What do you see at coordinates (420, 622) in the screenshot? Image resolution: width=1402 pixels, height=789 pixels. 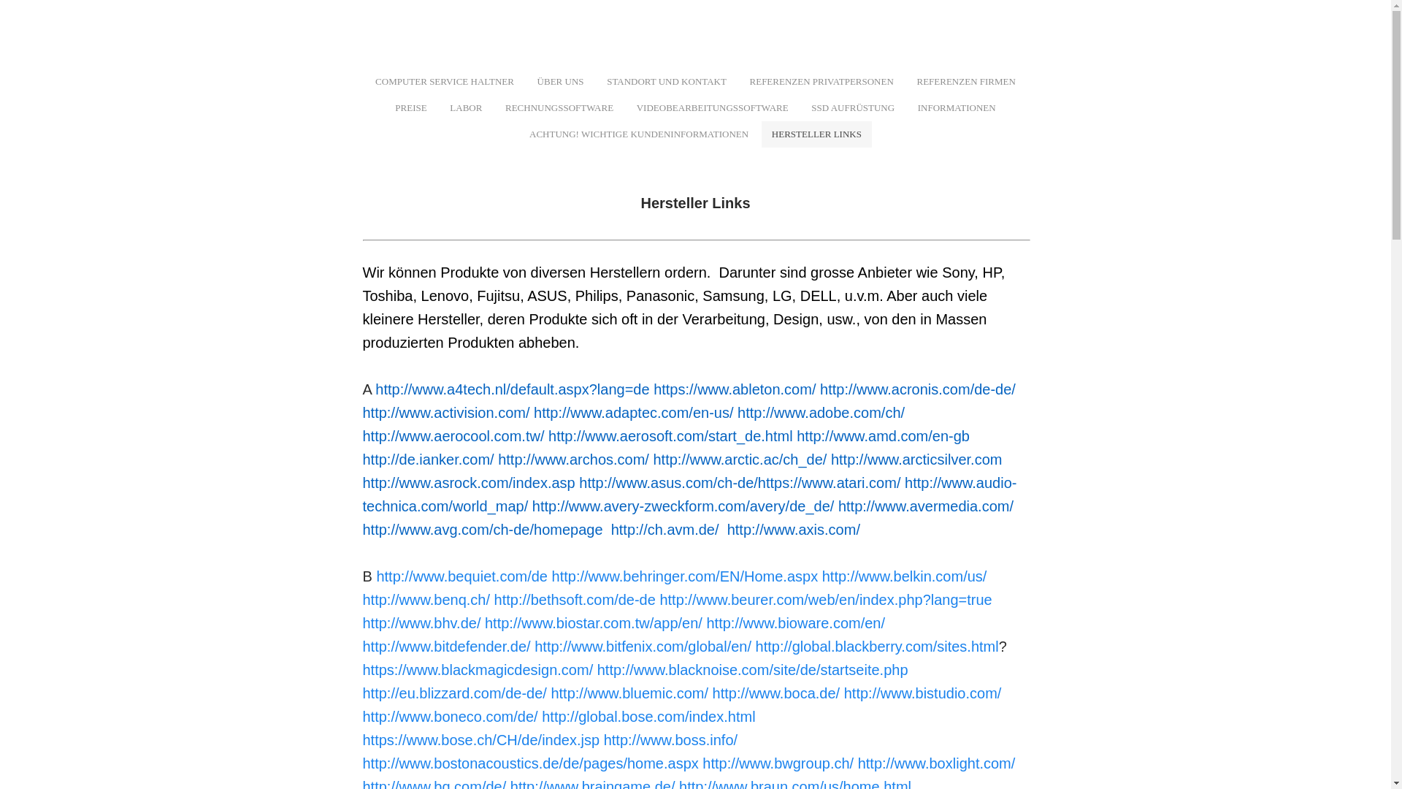 I see `'http://www.bhv.de/'` at bounding box center [420, 622].